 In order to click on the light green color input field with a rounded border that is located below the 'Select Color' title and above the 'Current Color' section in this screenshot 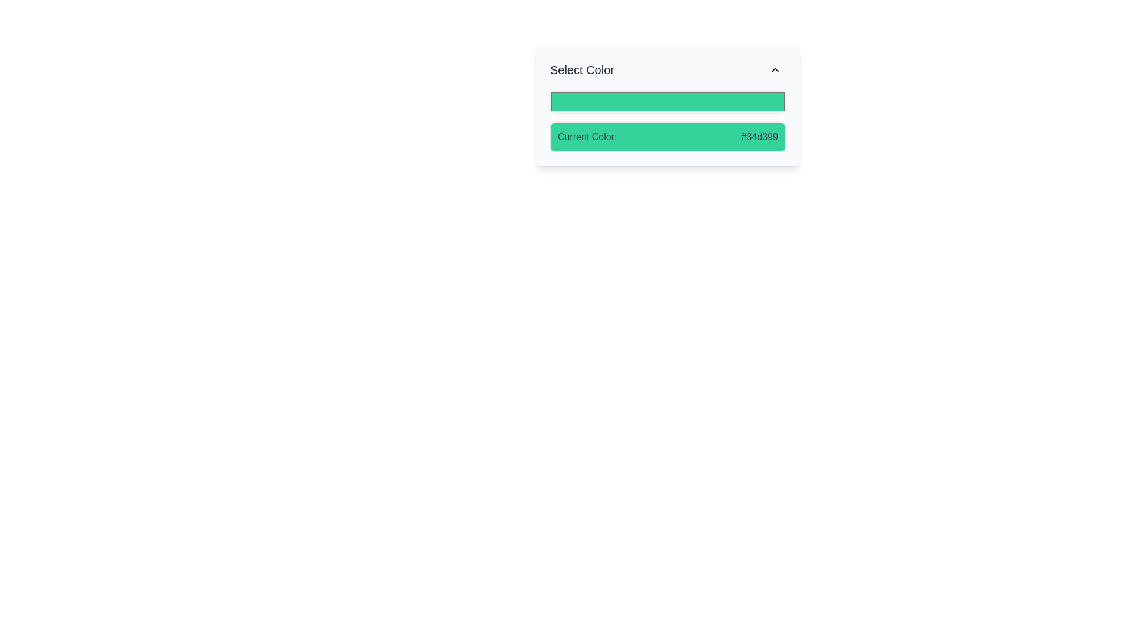, I will do `click(667, 105)`.